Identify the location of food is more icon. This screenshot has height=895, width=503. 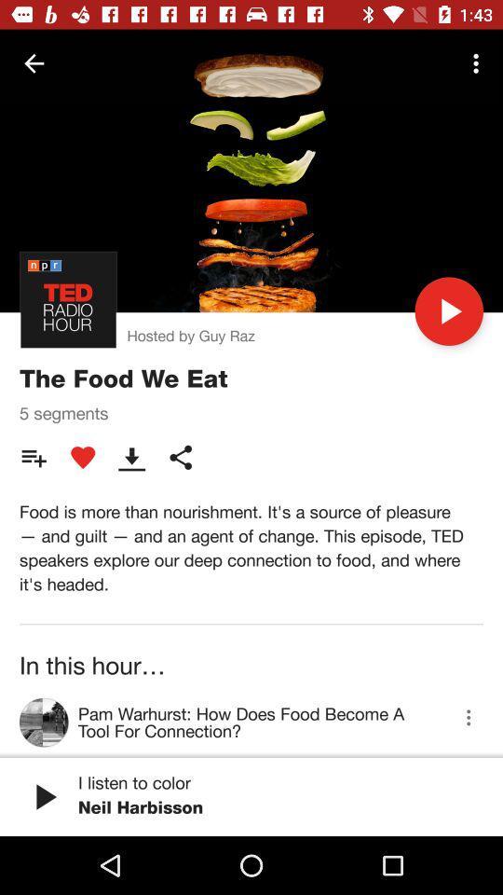
(251, 547).